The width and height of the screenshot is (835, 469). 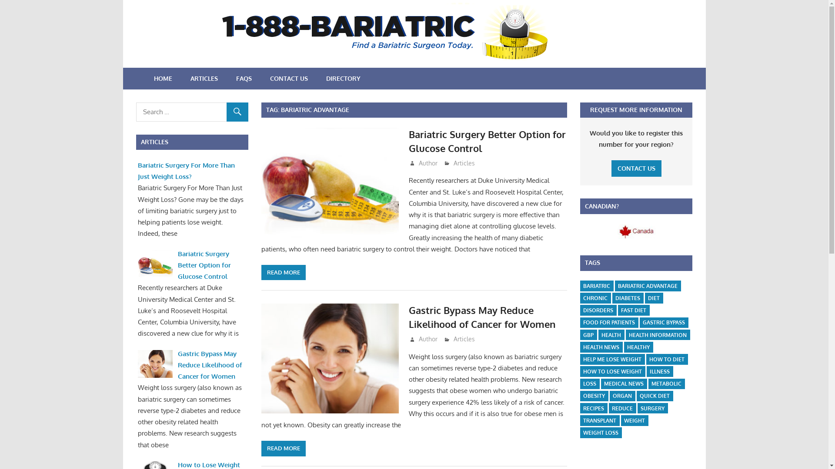 What do you see at coordinates (481, 317) in the screenshot?
I see `'Gastric Bypass May Reduce Likelihood of Cancer for Women'` at bounding box center [481, 317].